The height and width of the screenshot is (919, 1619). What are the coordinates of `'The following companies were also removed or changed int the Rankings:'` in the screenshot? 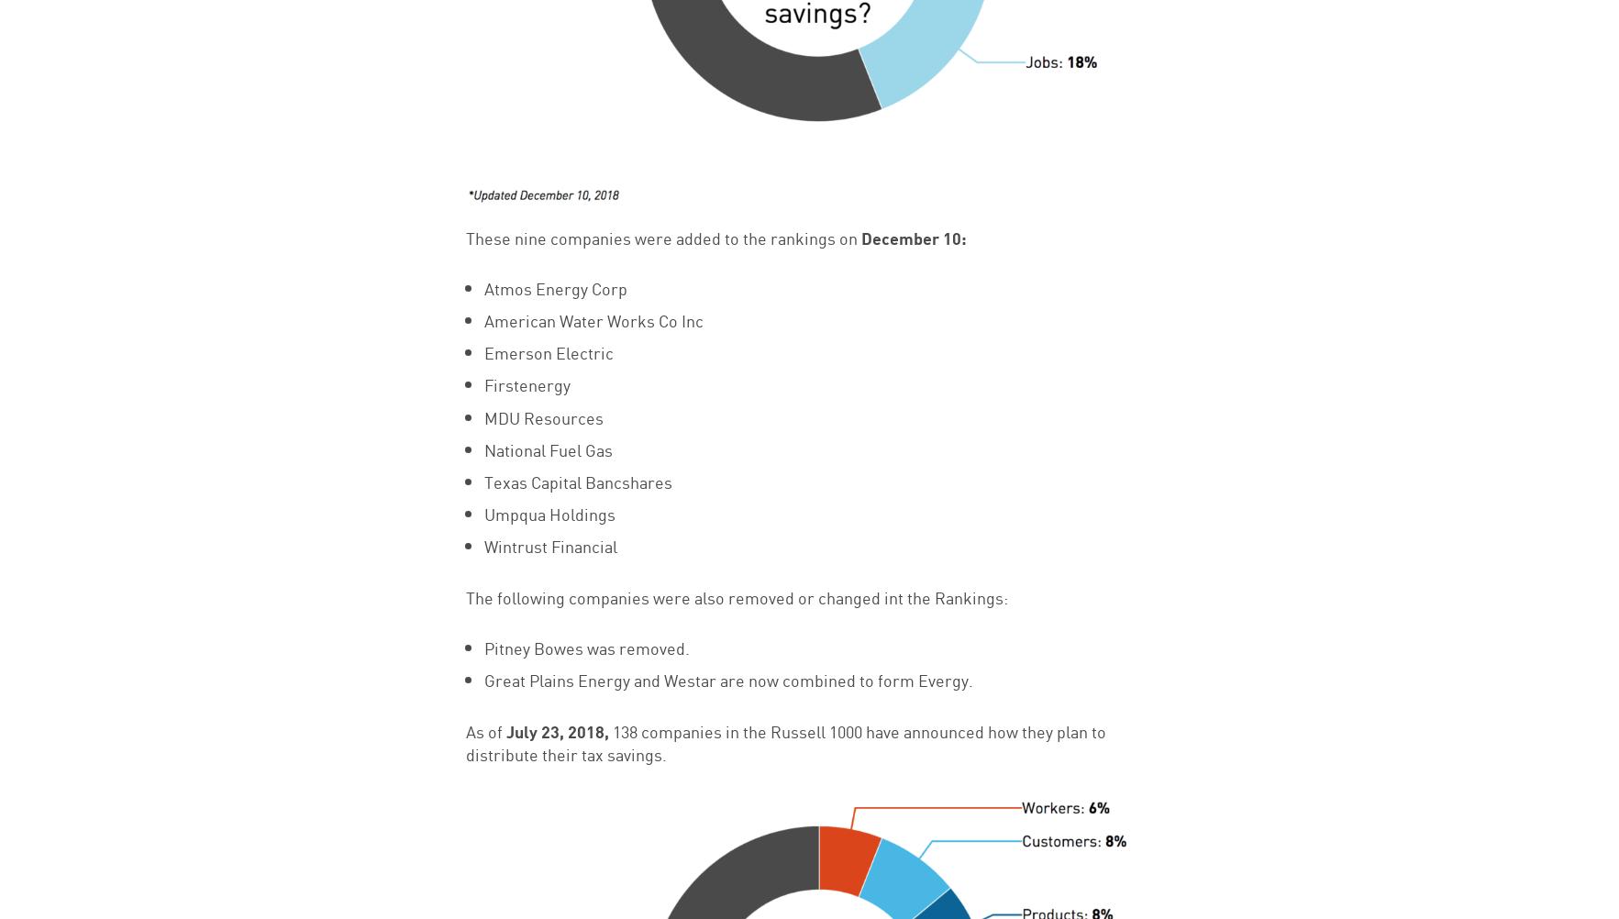 It's located at (735, 594).